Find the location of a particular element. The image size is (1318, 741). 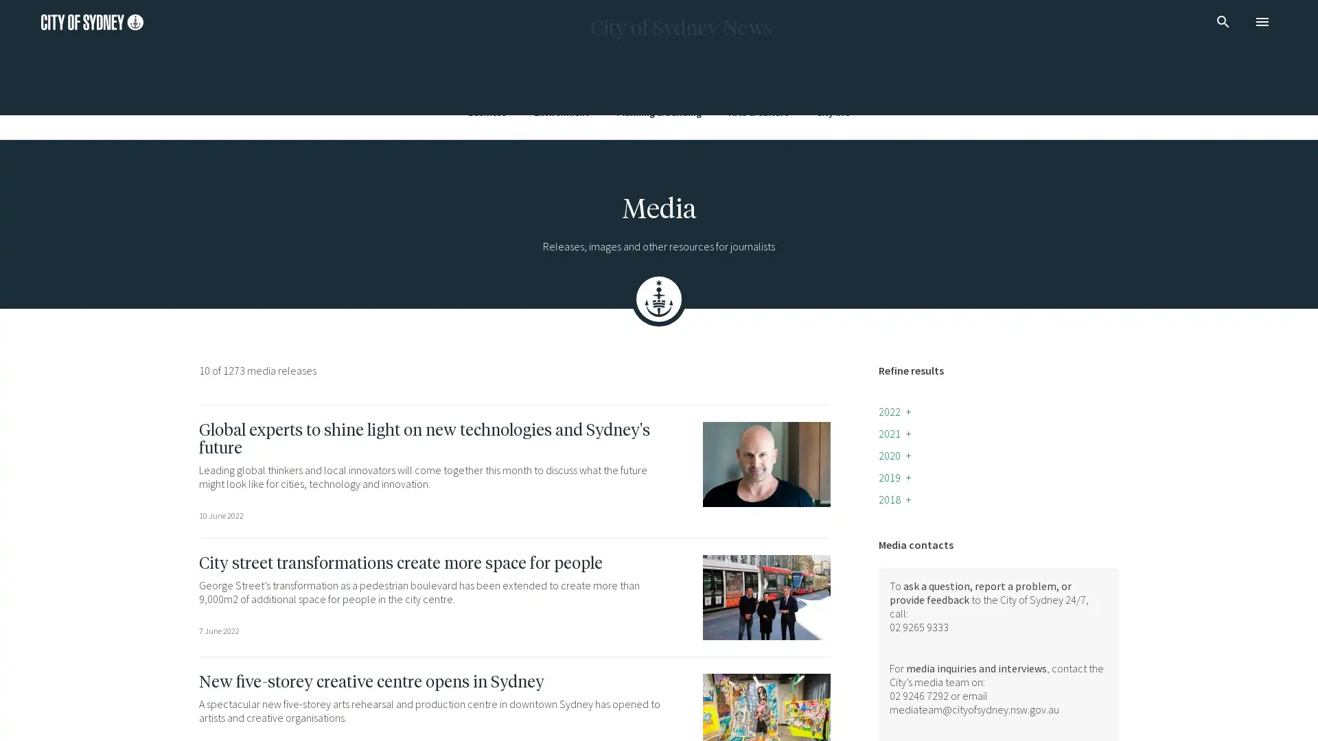

2018+ is located at coordinates (894, 499).